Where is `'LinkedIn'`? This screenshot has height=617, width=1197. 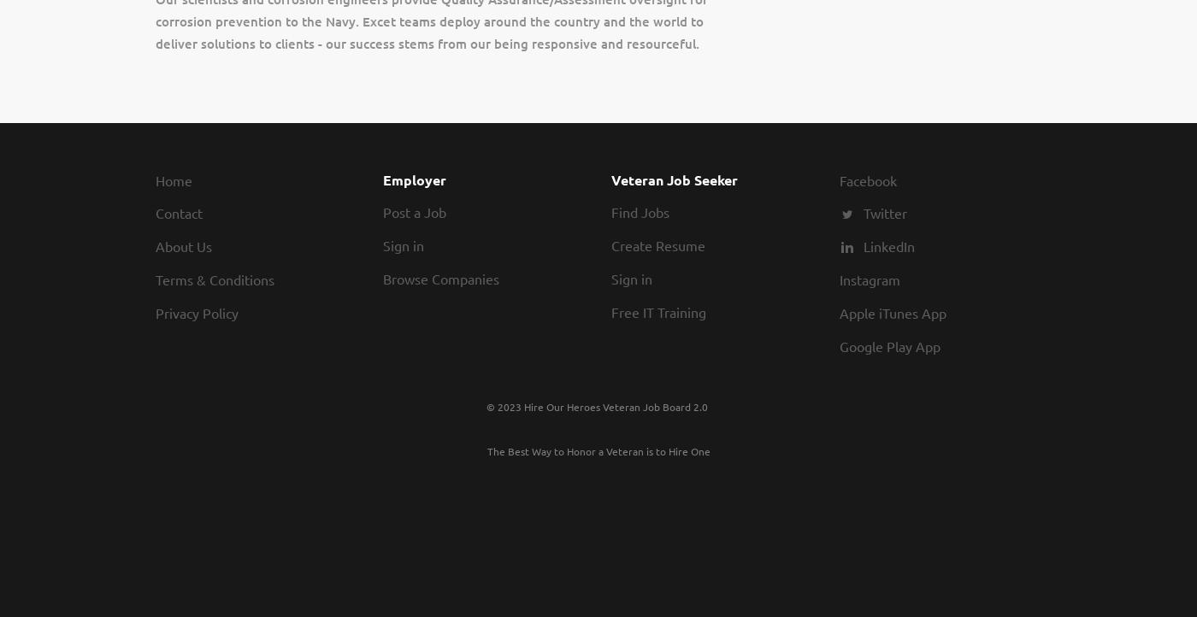 'LinkedIn' is located at coordinates (887, 246).